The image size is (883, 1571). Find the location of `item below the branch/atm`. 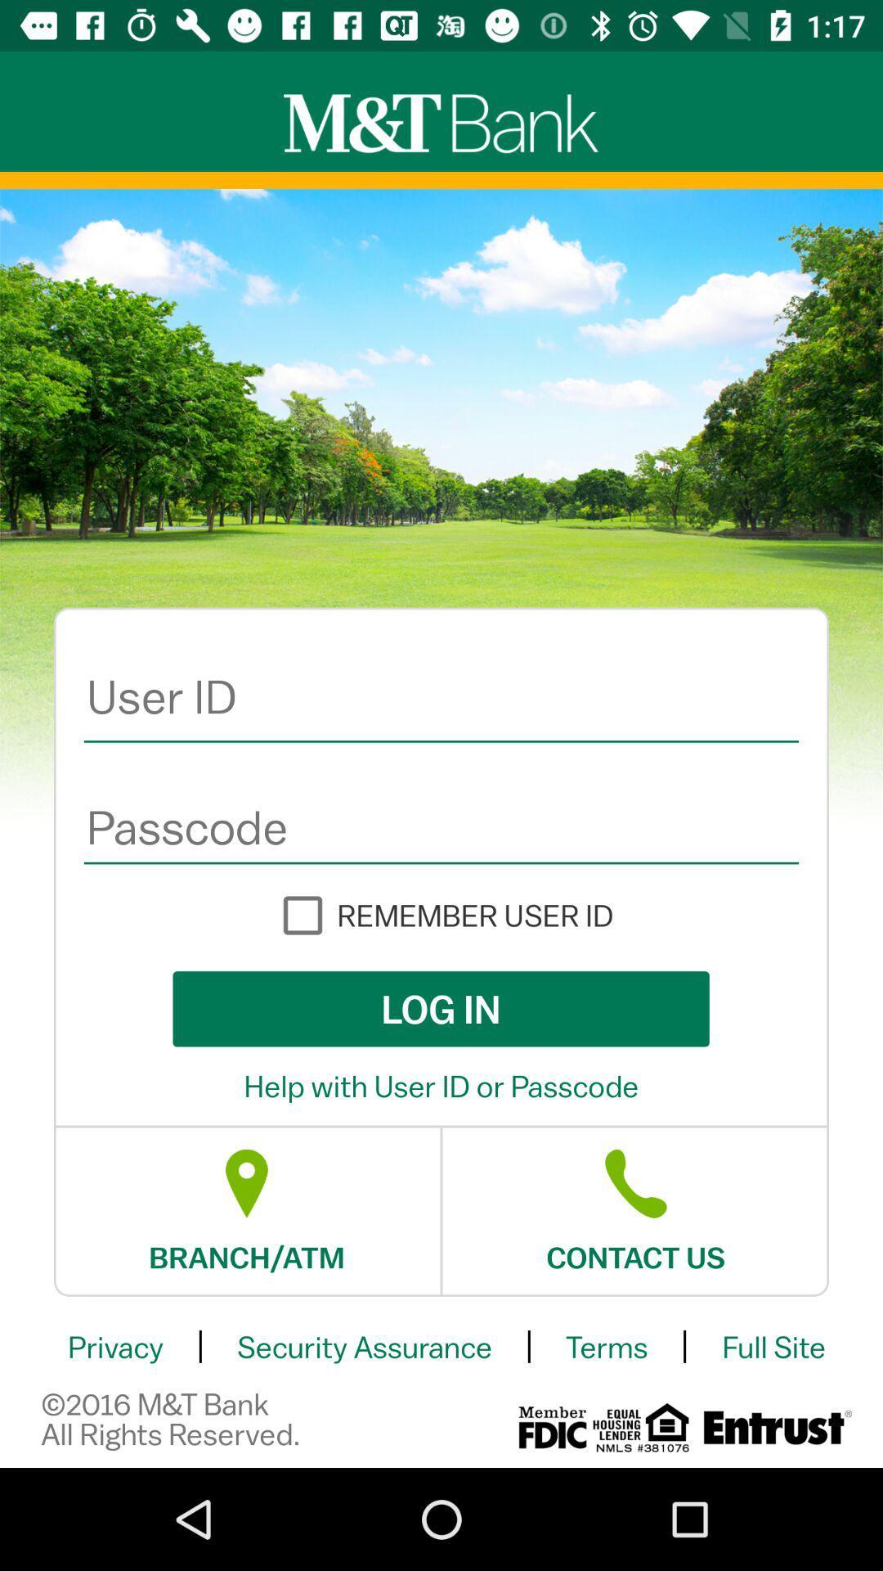

item below the branch/atm is located at coordinates (114, 1347).